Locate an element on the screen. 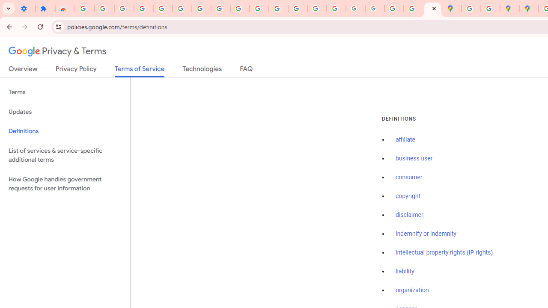 Image resolution: width=548 pixels, height=308 pixels. 'indemnify or indemnity' is located at coordinates (426, 234).